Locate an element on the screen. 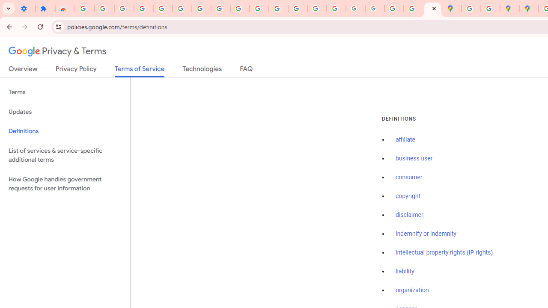 Image resolution: width=548 pixels, height=308 pixels. 'indemnify or indemnity' is located at coordinates (426, 234).